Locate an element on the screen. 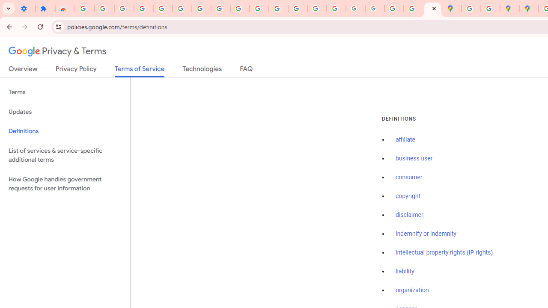 Image resolution: width=548 pixels, height=308 pixels. 'indemnify or indemnity' is located at coordinates (426, 234).